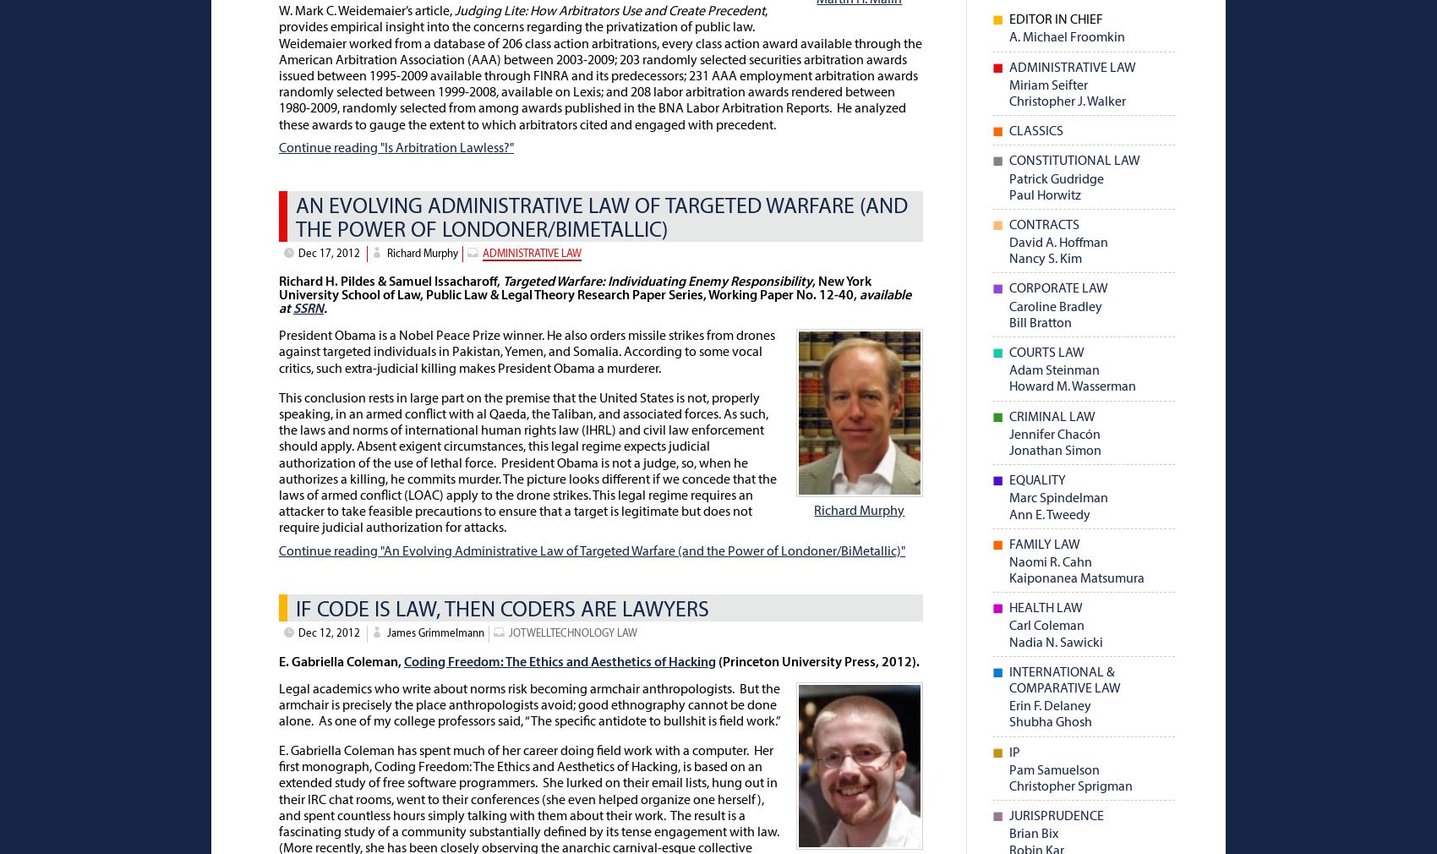 The height and width of the screenshot is (854, 1437). What do you see at coordinates (292, 309) in the screenshot?
I see `'SSRN'` at bounding box center [292, 309].